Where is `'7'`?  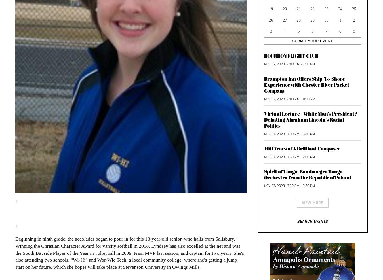 '7' is located at coordinates (325, 31).